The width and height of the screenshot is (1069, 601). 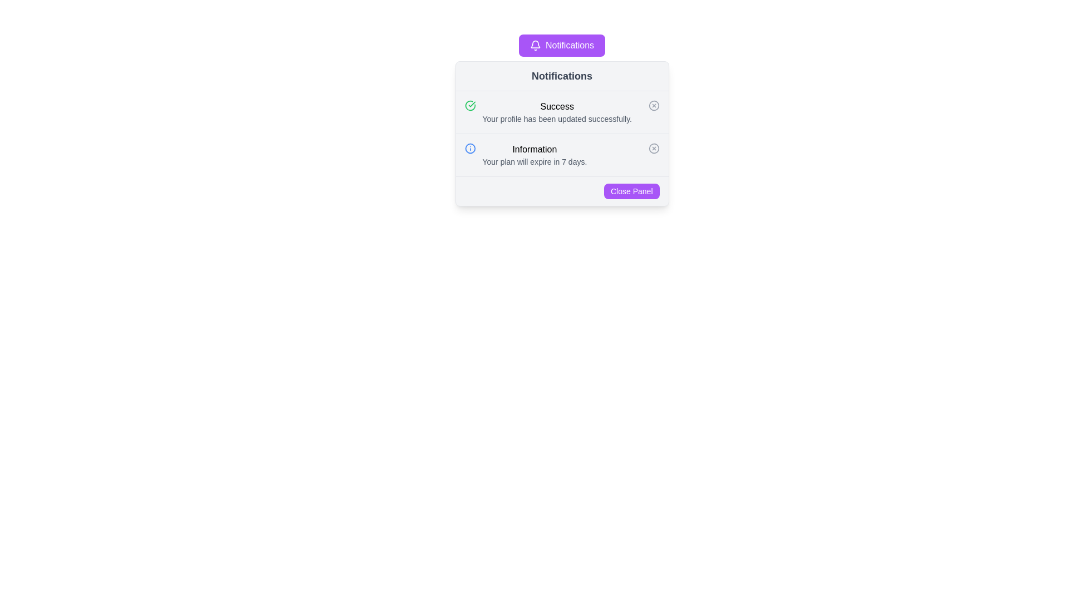 I want to click on the Notifications button with a purple background and bell icon at the top center of the interface, so click(x=562, y=45).